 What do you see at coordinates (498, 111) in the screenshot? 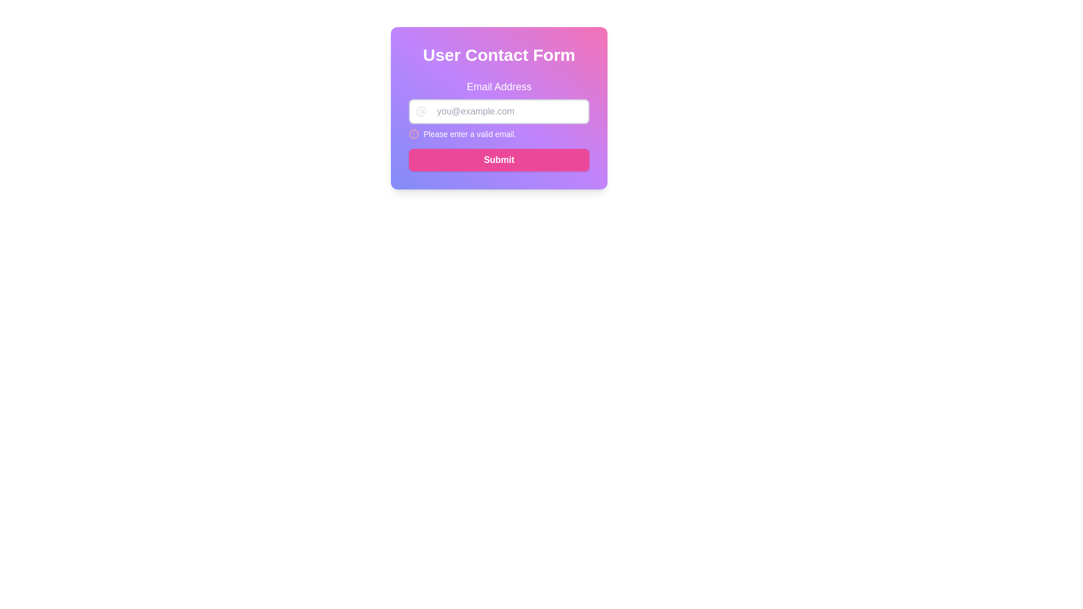
I see `the text input field for email address to focus on it, located below the 'Email Address' label and above the validation message` at bounding box center [498, 111].